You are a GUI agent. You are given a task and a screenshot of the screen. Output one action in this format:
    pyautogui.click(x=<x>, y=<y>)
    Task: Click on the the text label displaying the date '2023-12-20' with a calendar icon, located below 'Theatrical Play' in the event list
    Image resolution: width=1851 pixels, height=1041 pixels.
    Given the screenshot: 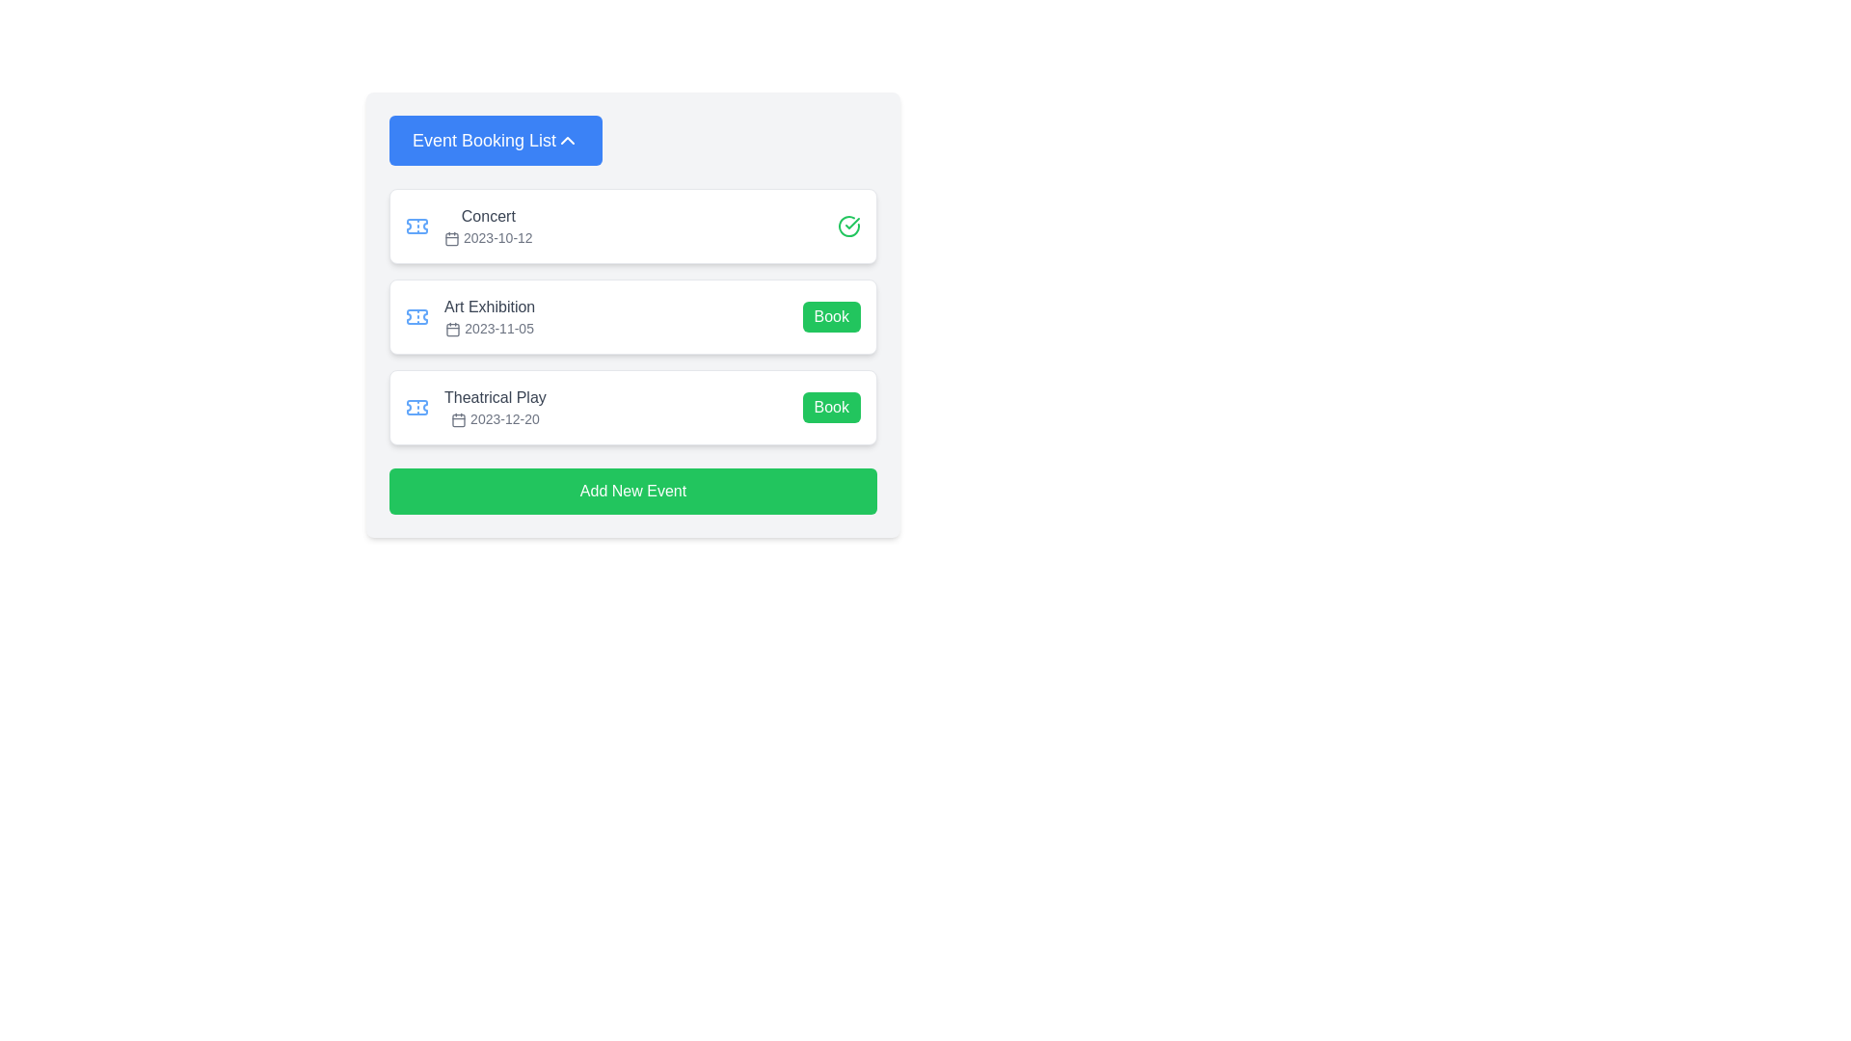 What is the action you would take?
    pyautogui.click(x=495, y=418)
    